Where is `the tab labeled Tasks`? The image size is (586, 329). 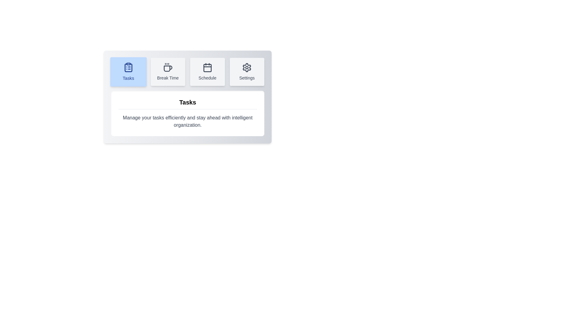 the tab labeled Tasks is located at coordinates (128, 71).